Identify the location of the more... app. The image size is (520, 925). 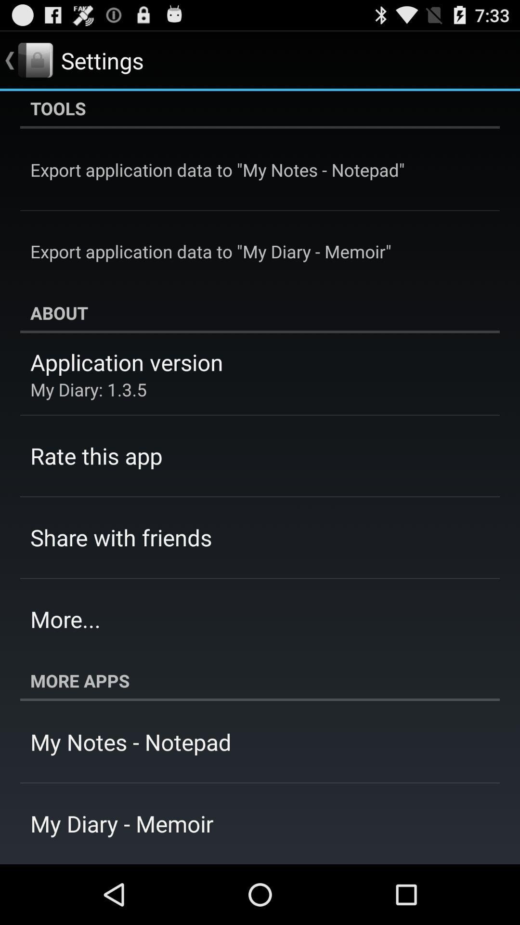
(65, 619).